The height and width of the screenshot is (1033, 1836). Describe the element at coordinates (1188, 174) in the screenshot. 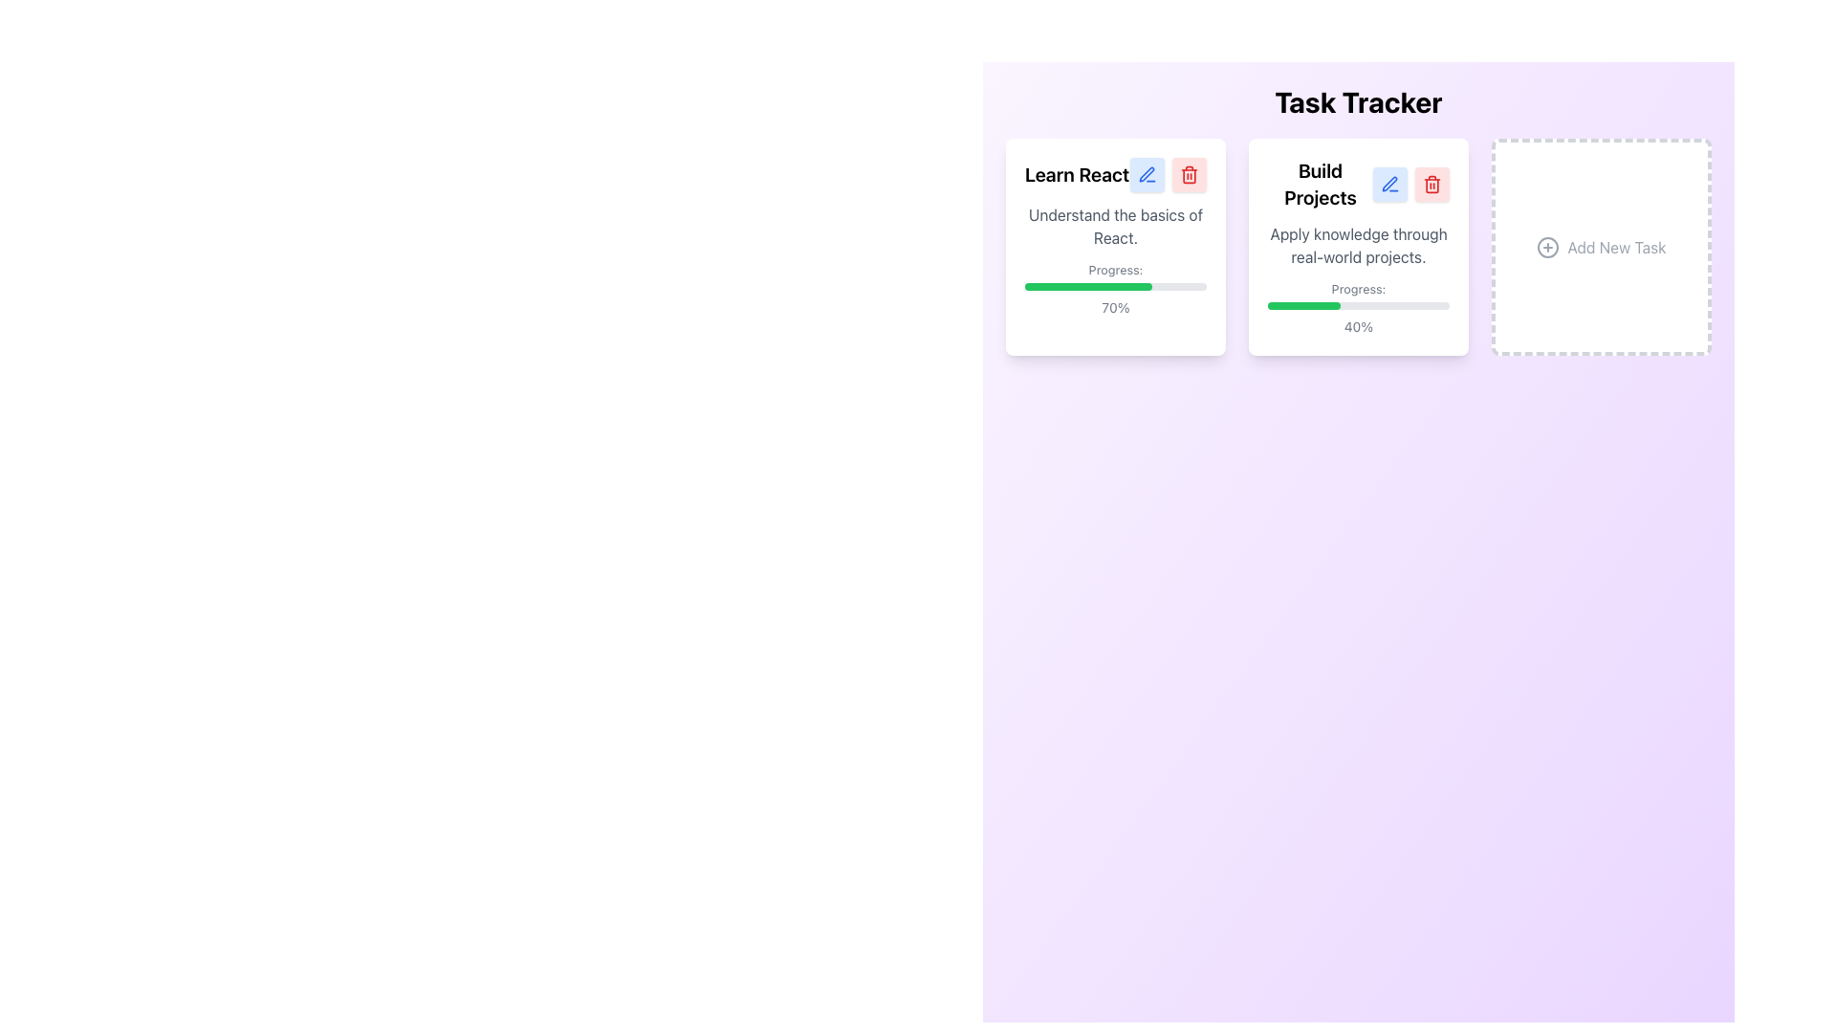

I see `the delete button located at the top-right corner of the 'Learn React' card` at that location.